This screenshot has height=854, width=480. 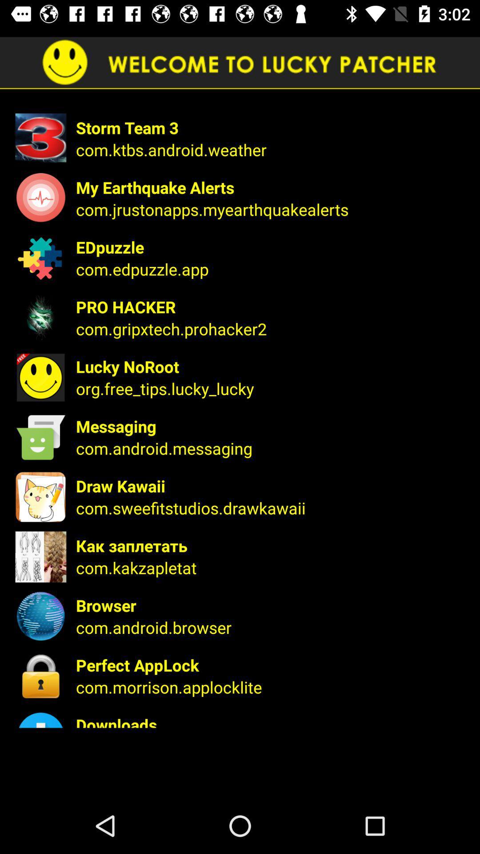 I want to click on app below com.morrison.applocklite, so click(x=272, y=721).